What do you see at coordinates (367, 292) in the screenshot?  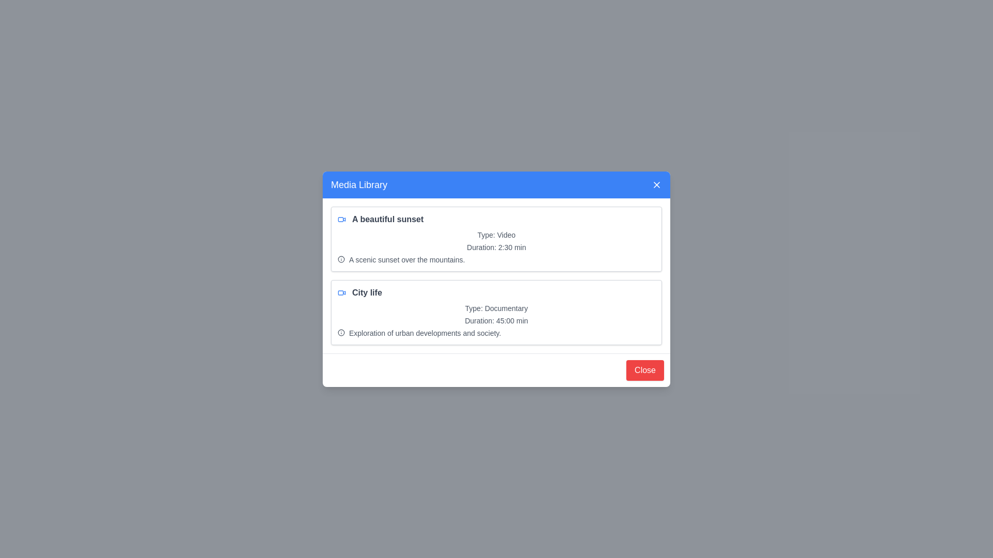 I see `the text label displaying 'City life' in the Media Library interface, which is bold, medium-sized, and gray` at bounding box center [367, 292].